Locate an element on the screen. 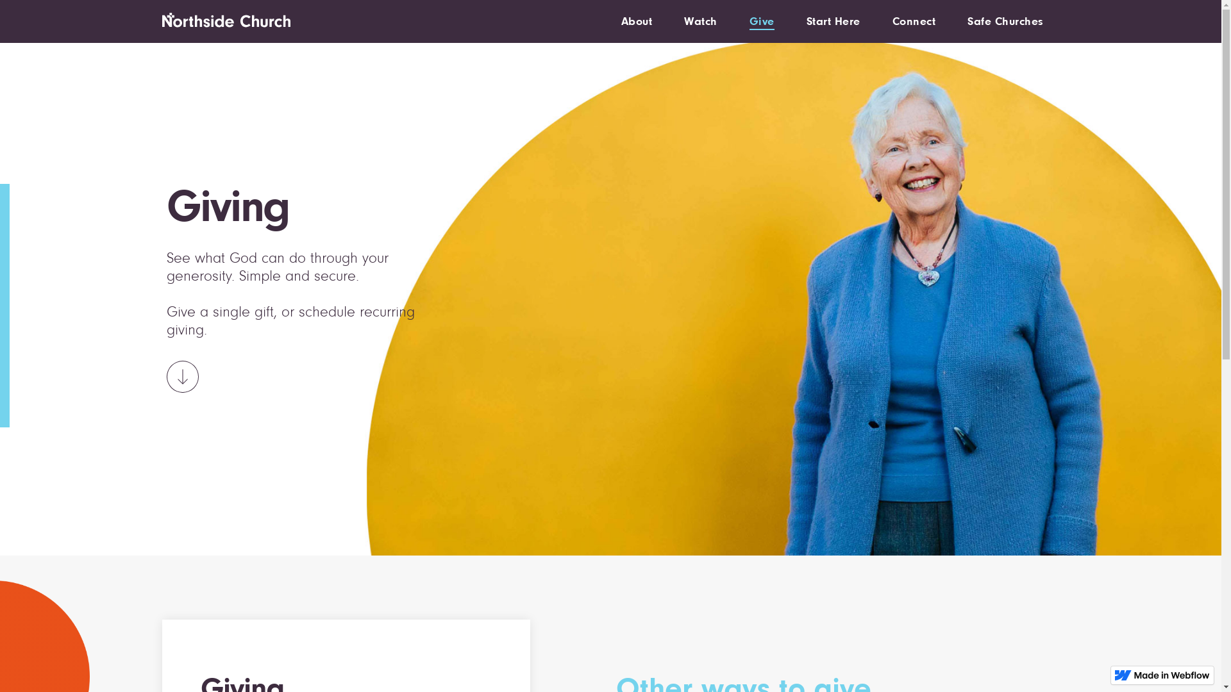 This screenshot has width=1231, height=692. 'Connect' is located at coordinates (913, 21).